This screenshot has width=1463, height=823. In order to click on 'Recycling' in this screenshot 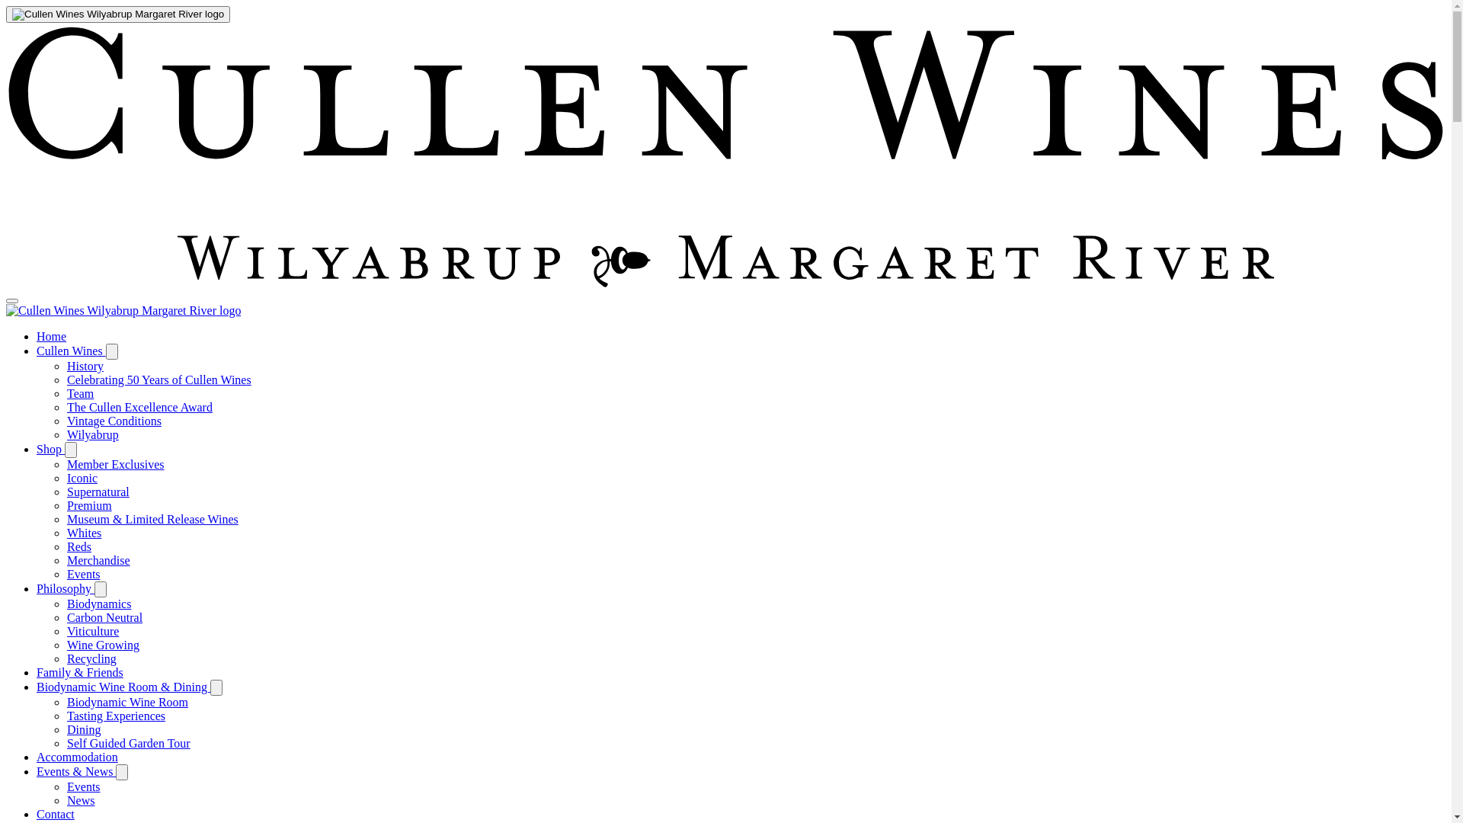, I will do `click(66, 658)`.